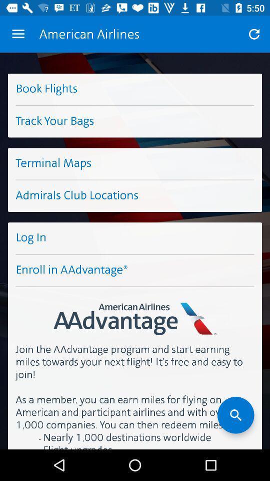  What do you see at coordinates (18, 34) in the screenshot?
I see `the icon next to american airlines` at bounding box center [18, 34].